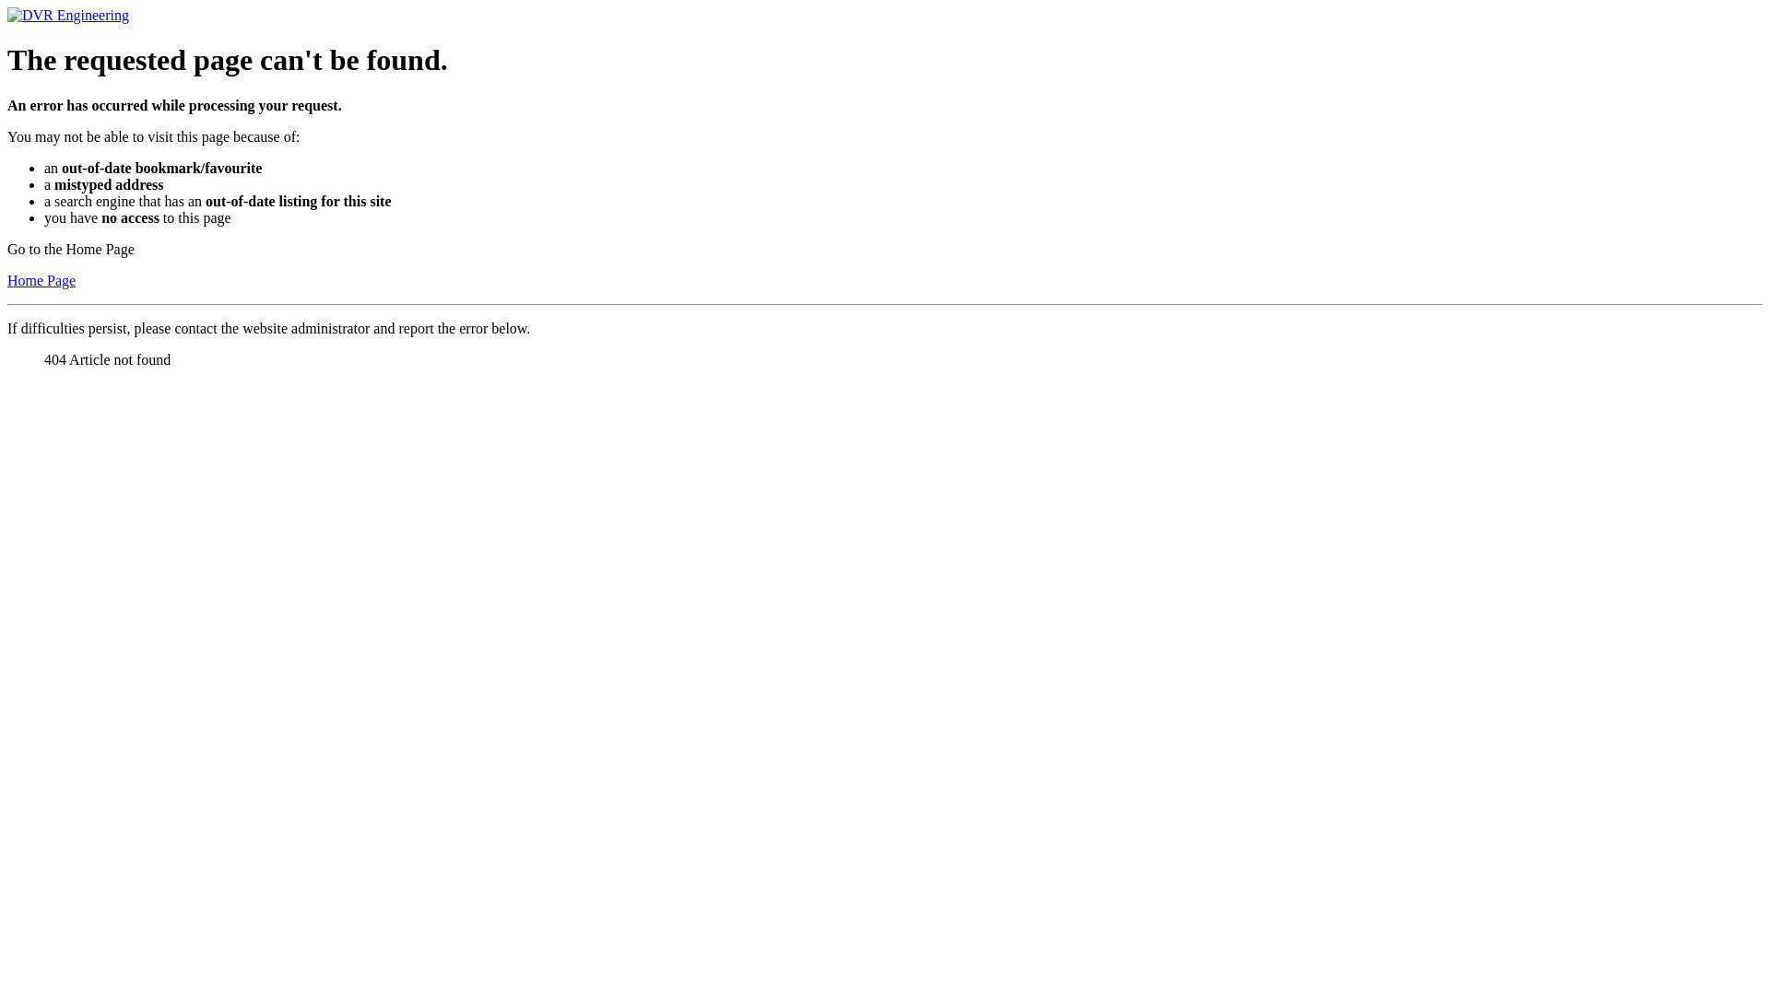 This screenshot has height=995, width=1770. Describe the element at coordinates (7, 280) in the screenshot. I see `'Home Page'` at that location.